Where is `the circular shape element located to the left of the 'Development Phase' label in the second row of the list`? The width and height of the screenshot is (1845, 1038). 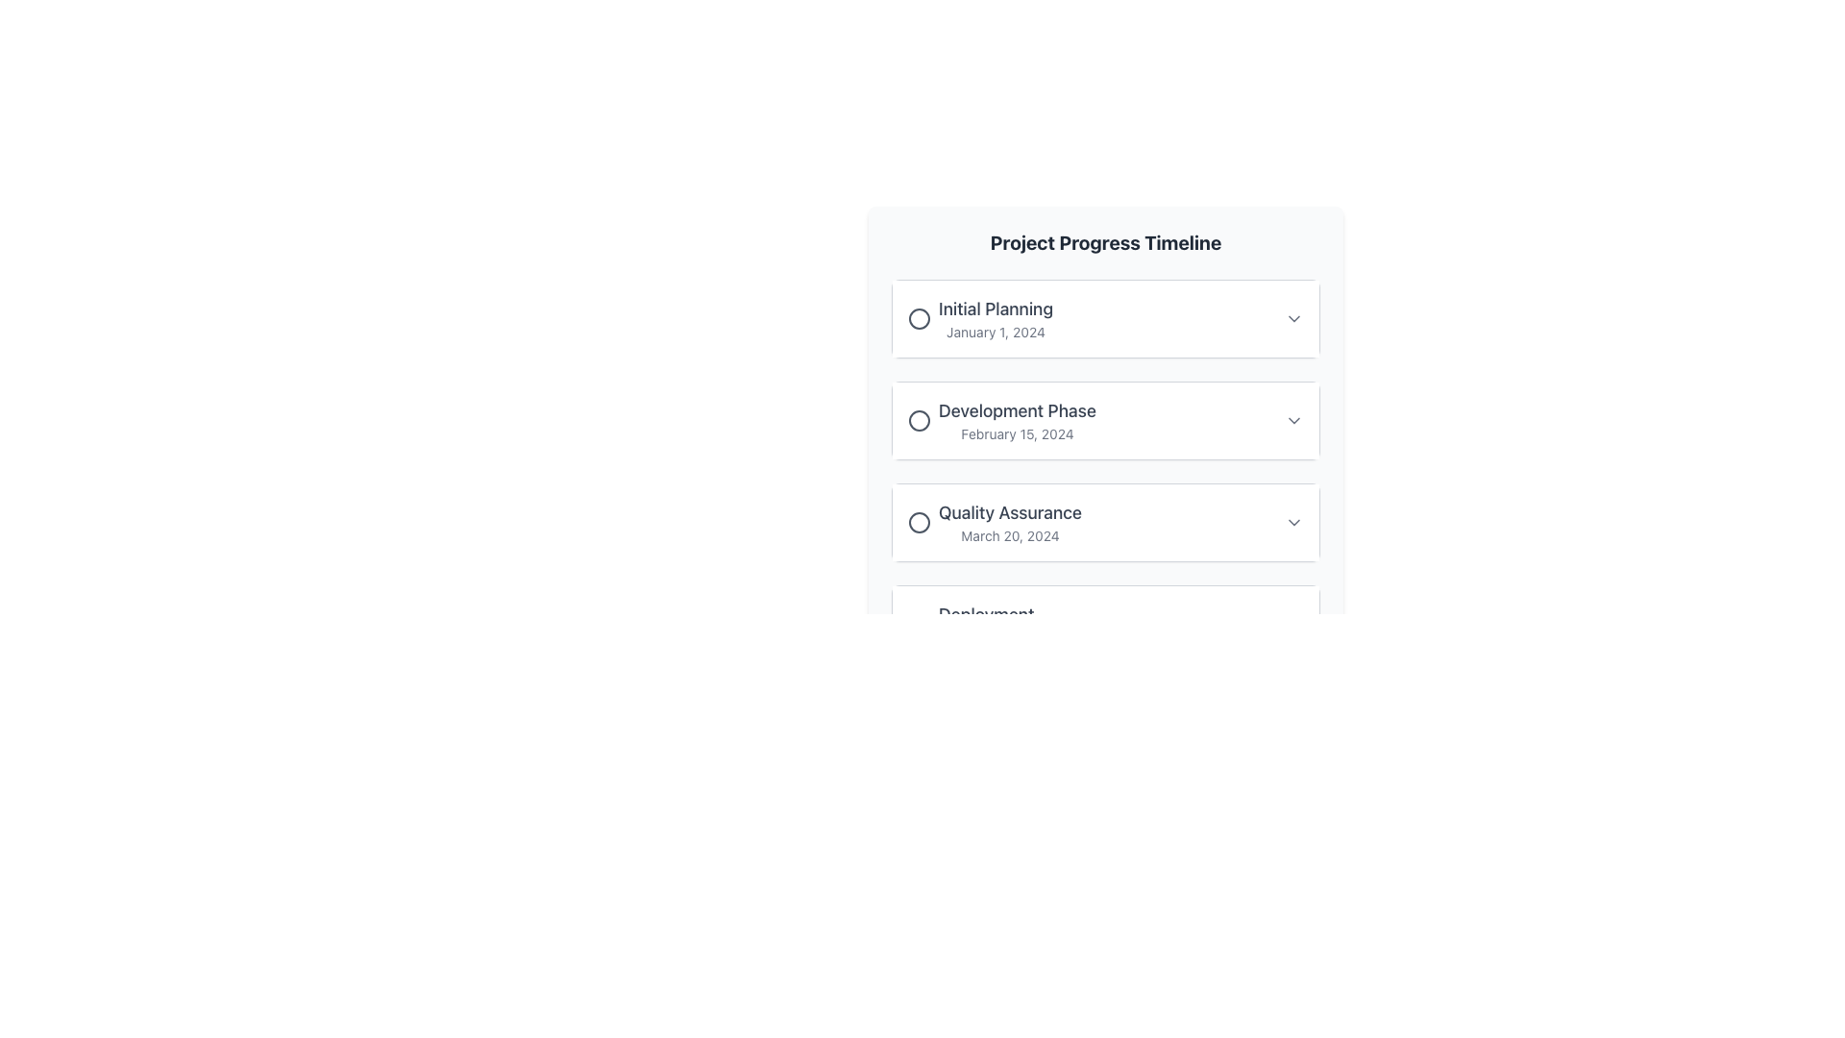 the circular shape element located to the left of the 'Development Phase' label in the second row of the list is located at coordinates (918, 420).